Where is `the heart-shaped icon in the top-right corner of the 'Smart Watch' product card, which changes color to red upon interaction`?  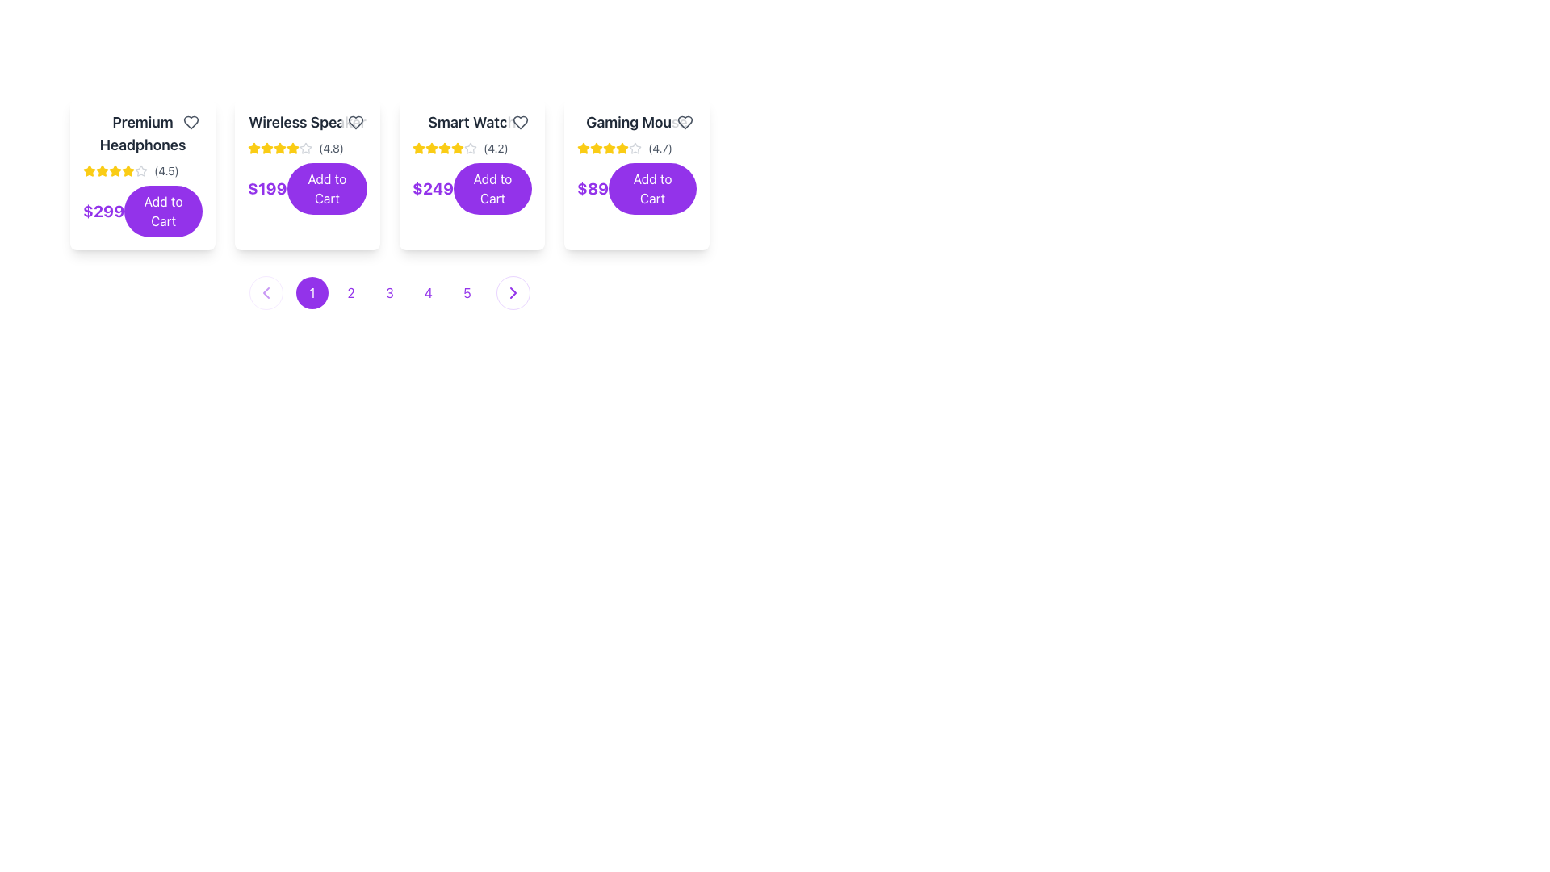
the heart-shaped icon in the top-right corner of the 'Smart Watch' product card, which changes color to red upon interaction is located at coordinates (520, 121).